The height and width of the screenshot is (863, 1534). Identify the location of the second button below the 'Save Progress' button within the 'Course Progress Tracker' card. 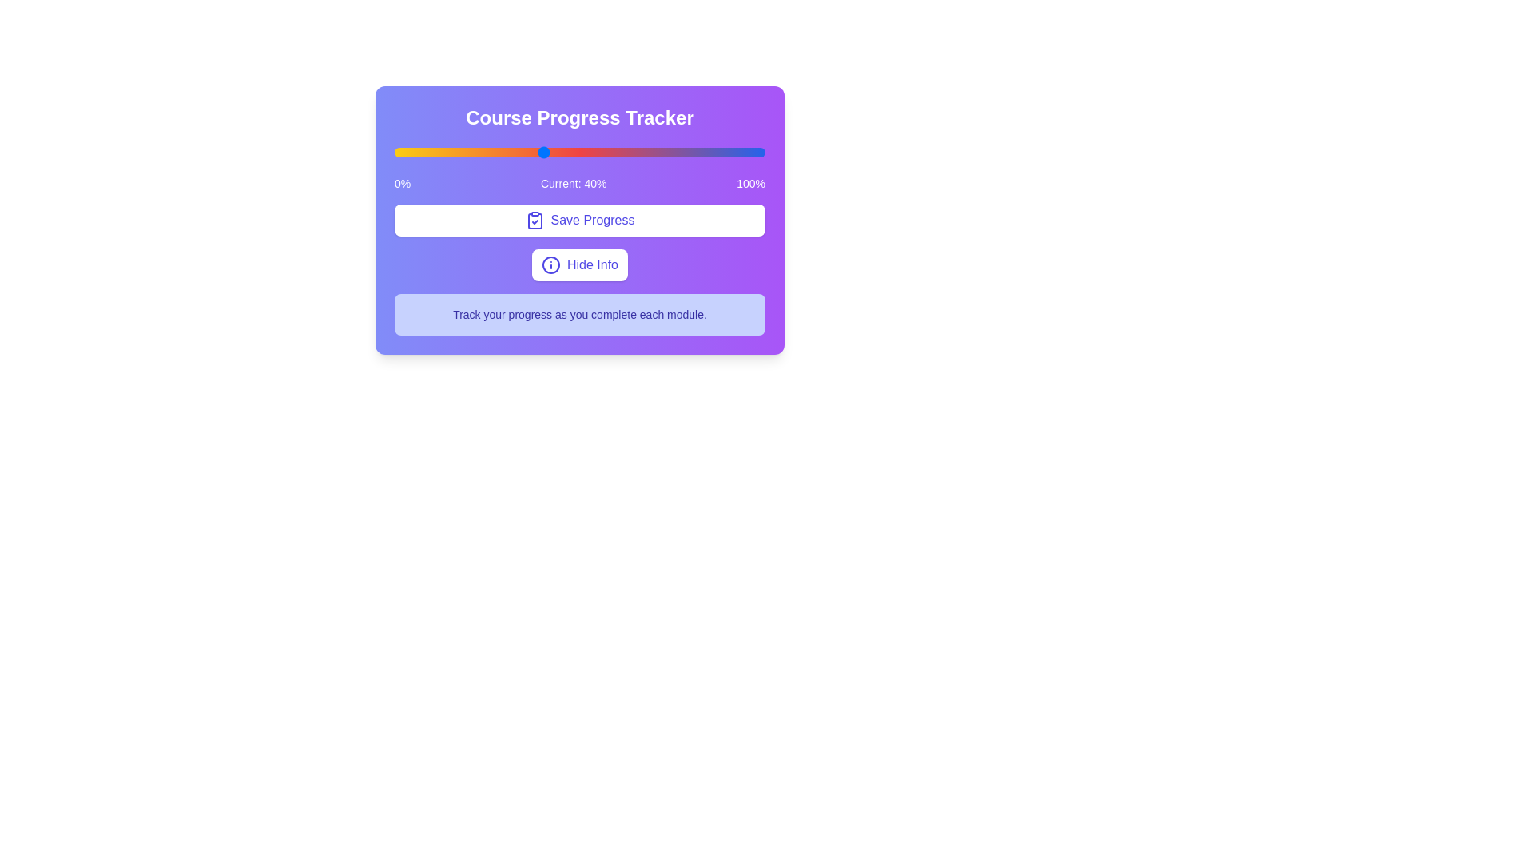
(578, 264).